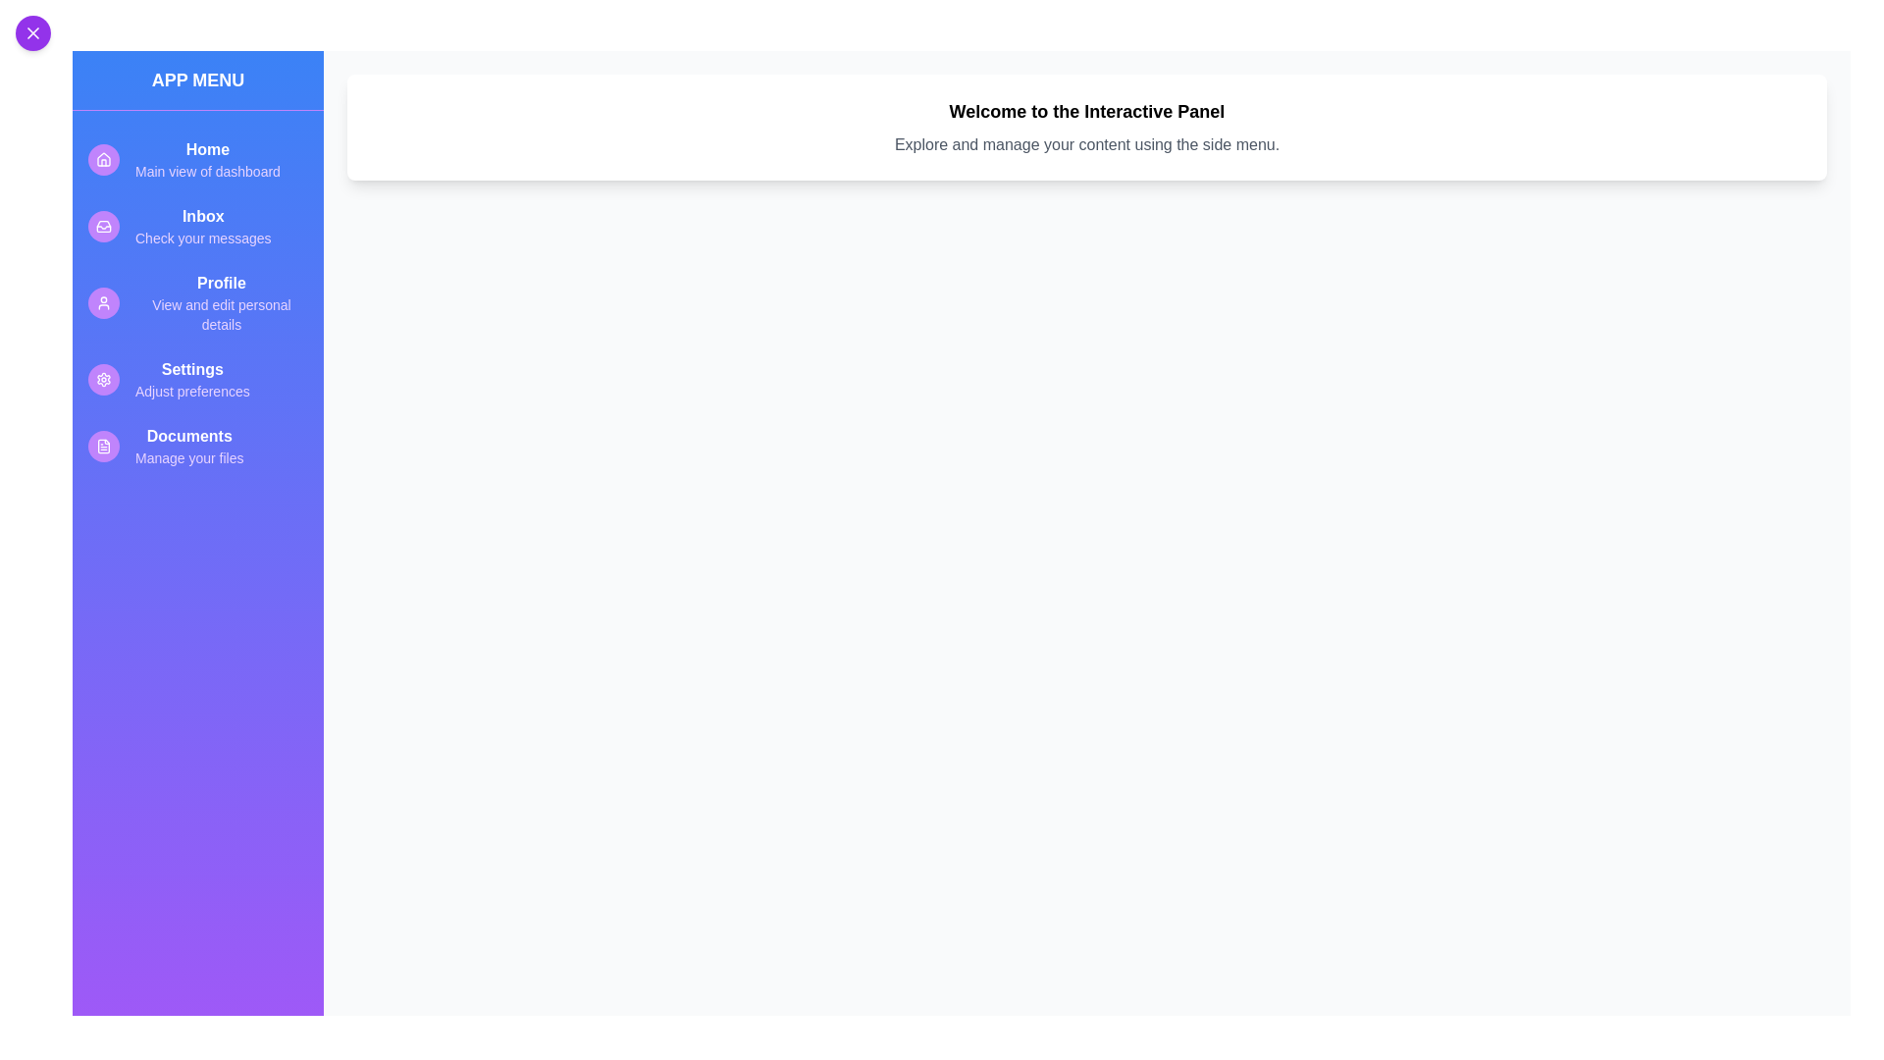 The height and width of the screenshot is (1060, 1884). Describe the element at coordinates (197, 158) in the screenshot. I see `the menu item corresponding to Home` at that location.